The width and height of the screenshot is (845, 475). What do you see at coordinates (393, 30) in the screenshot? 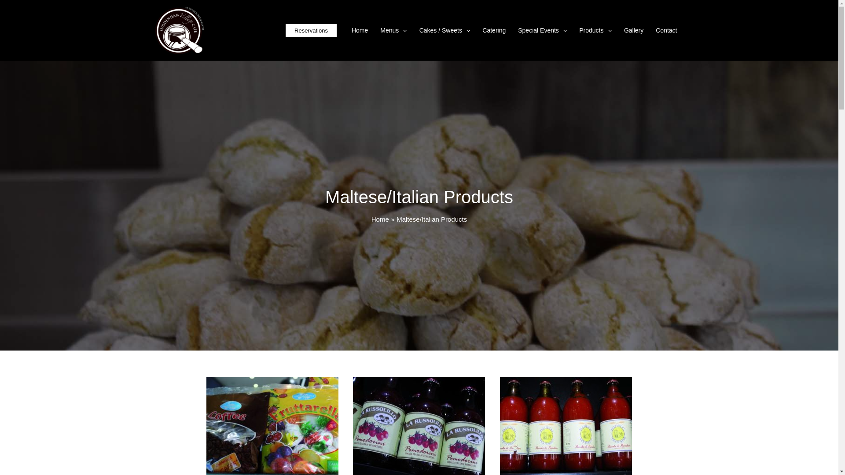
I see `'Menus'` at bounding box center [393, 30].